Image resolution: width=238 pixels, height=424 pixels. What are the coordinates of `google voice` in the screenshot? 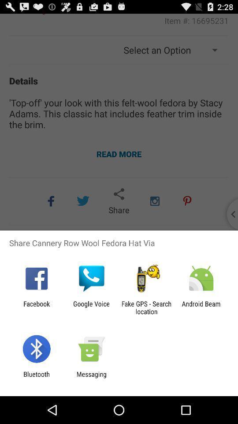 It's located at (91, 307).